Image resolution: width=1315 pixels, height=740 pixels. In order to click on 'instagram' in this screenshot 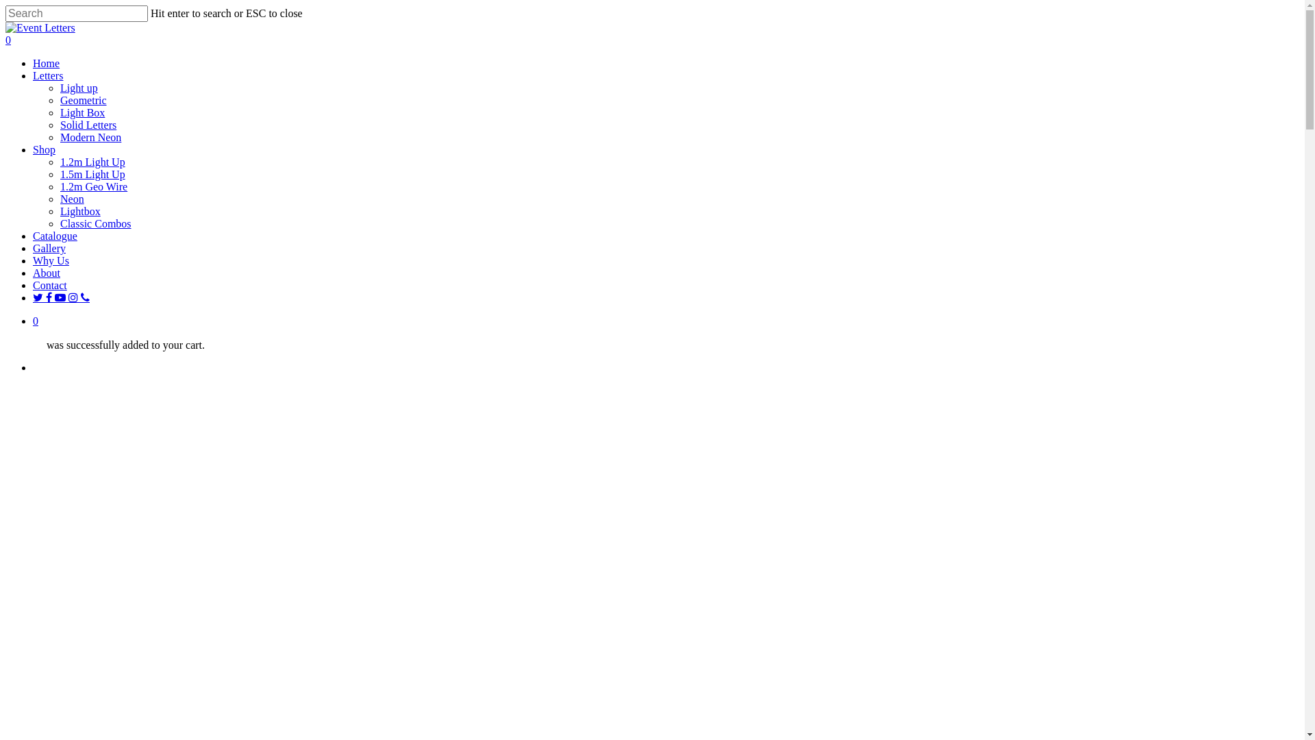, I will do `click(74, 297)`.